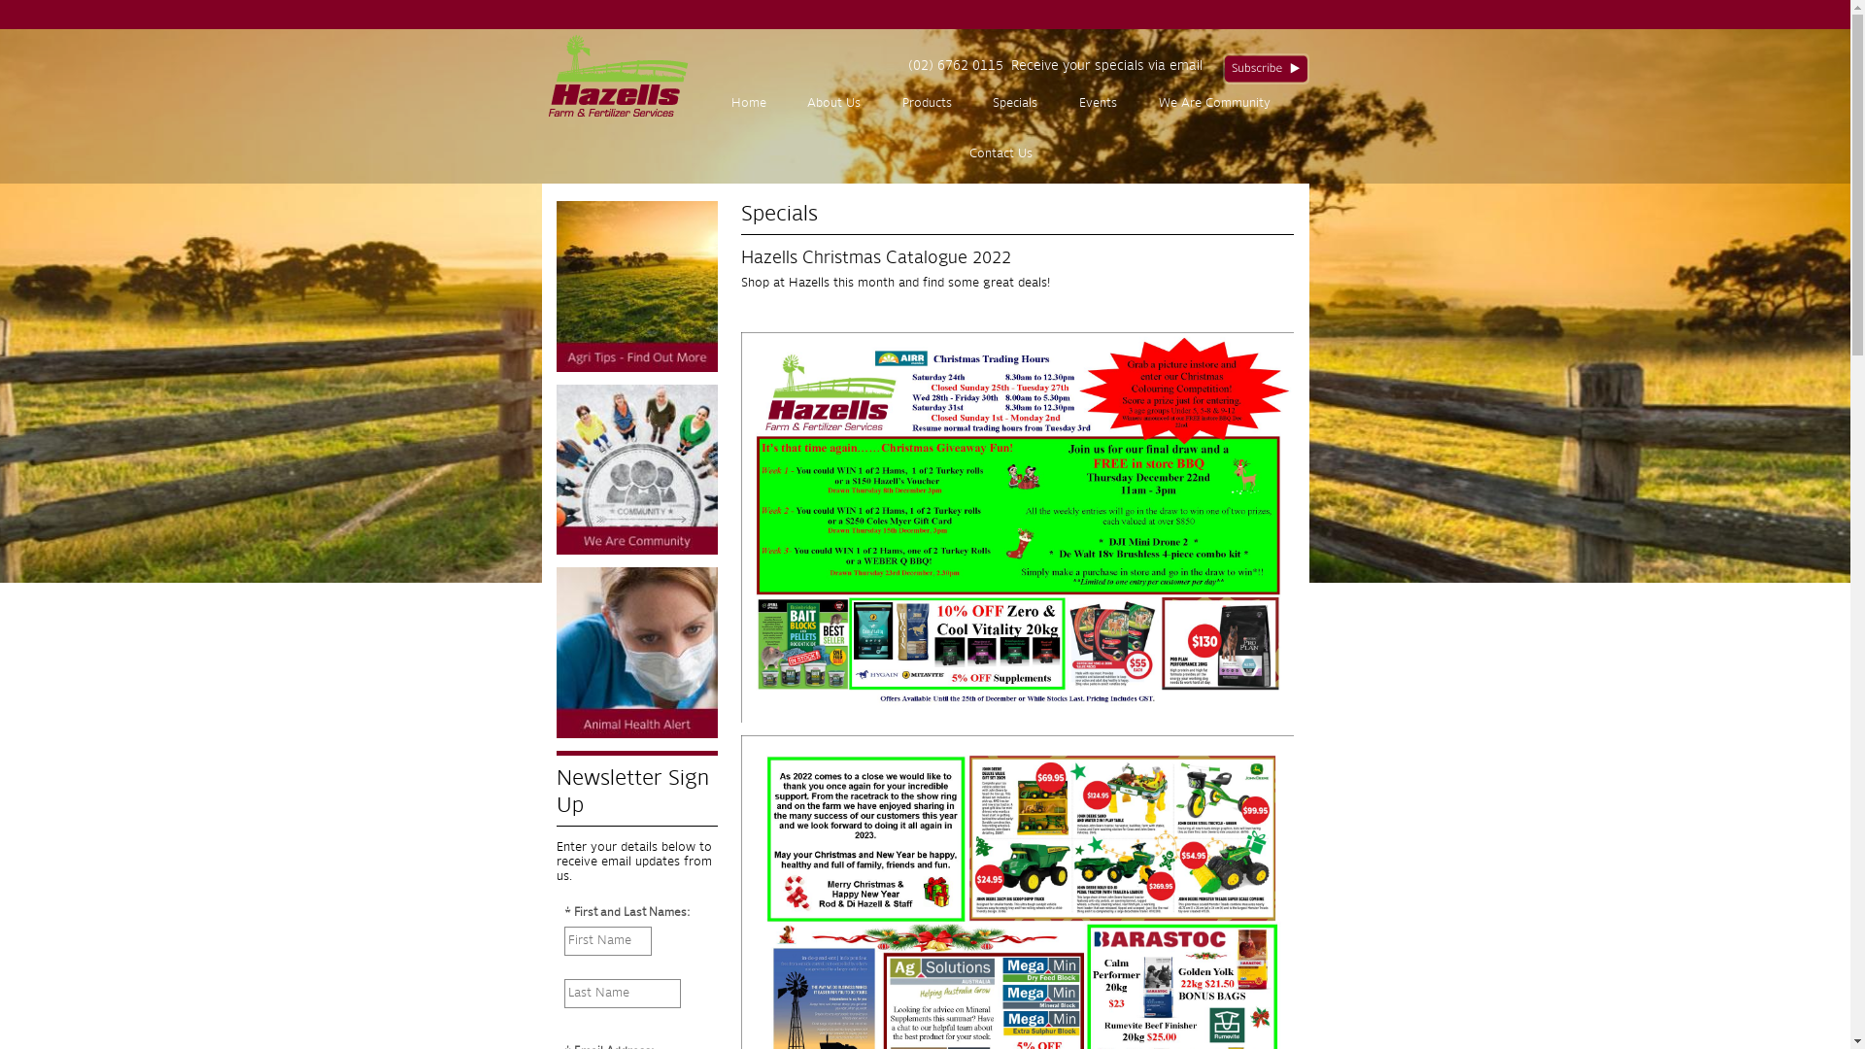 This screenshot has width=1865, height=1049. I want to click on 'Events', so click(1099, 104).